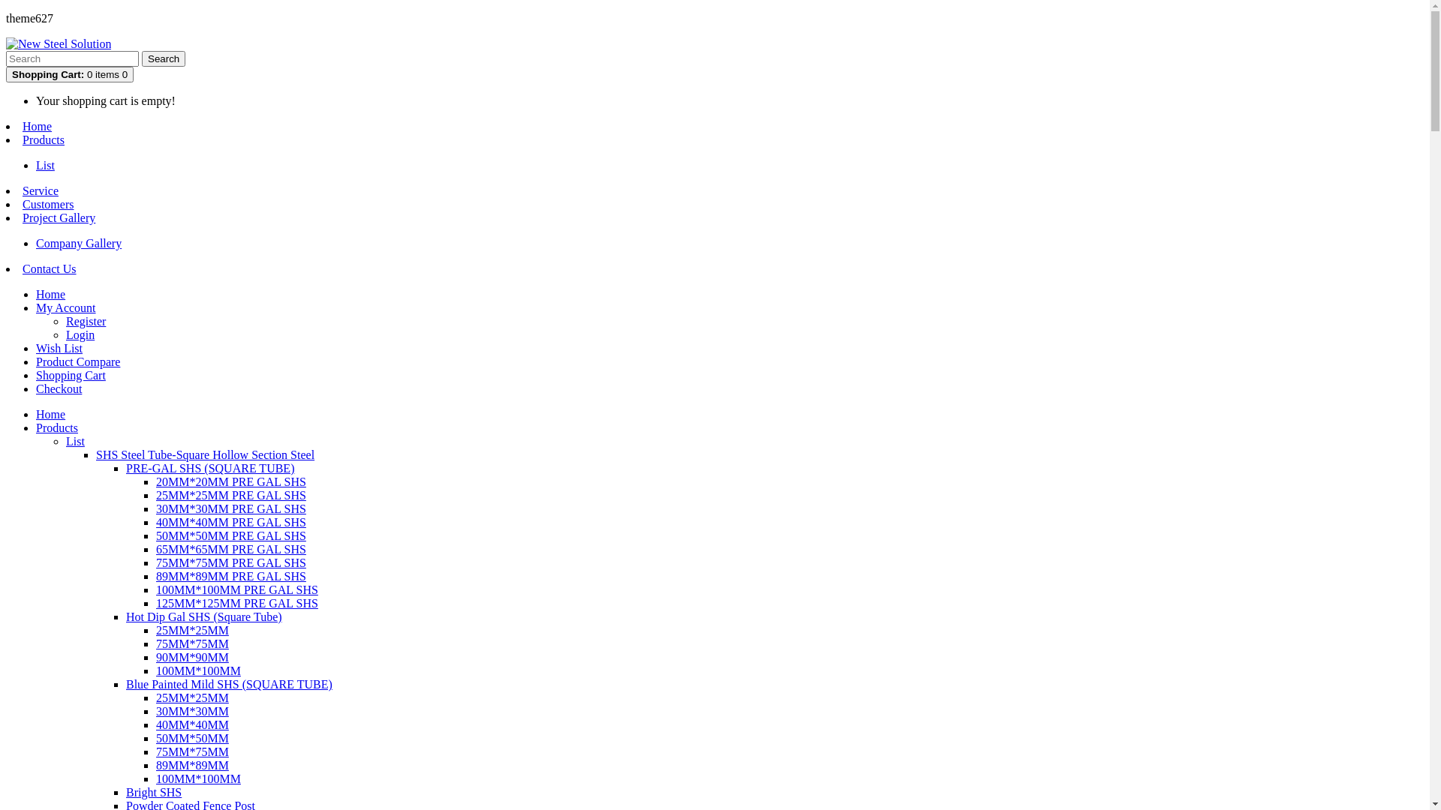 The image size is (1441, 810). Describe the element at coordinates (36, 374) in the screenshot. I see `'Shopping Cart'` at that location.